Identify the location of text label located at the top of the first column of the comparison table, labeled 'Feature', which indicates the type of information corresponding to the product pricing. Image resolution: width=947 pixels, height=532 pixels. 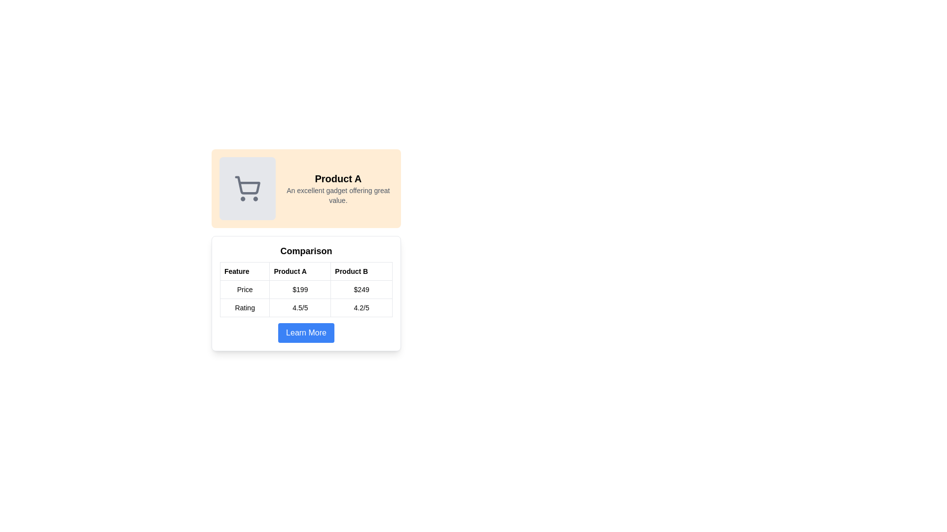
(245, 289).